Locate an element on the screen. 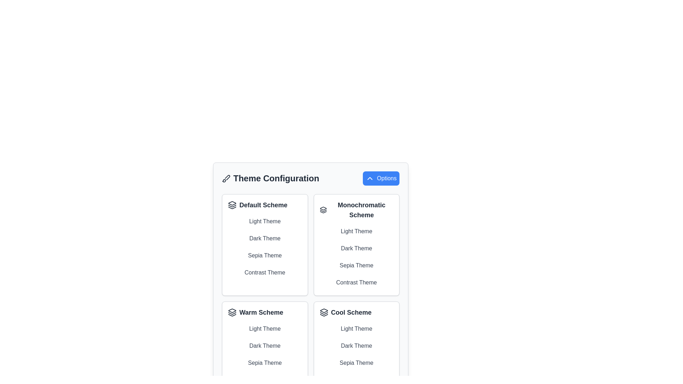 The height and width of the screenshot is (384, 683). the 'Light Theme' text button, which is the first item in the vertical list of theme options under the 'Default Scheme' column is located at coordinates (264, 221).